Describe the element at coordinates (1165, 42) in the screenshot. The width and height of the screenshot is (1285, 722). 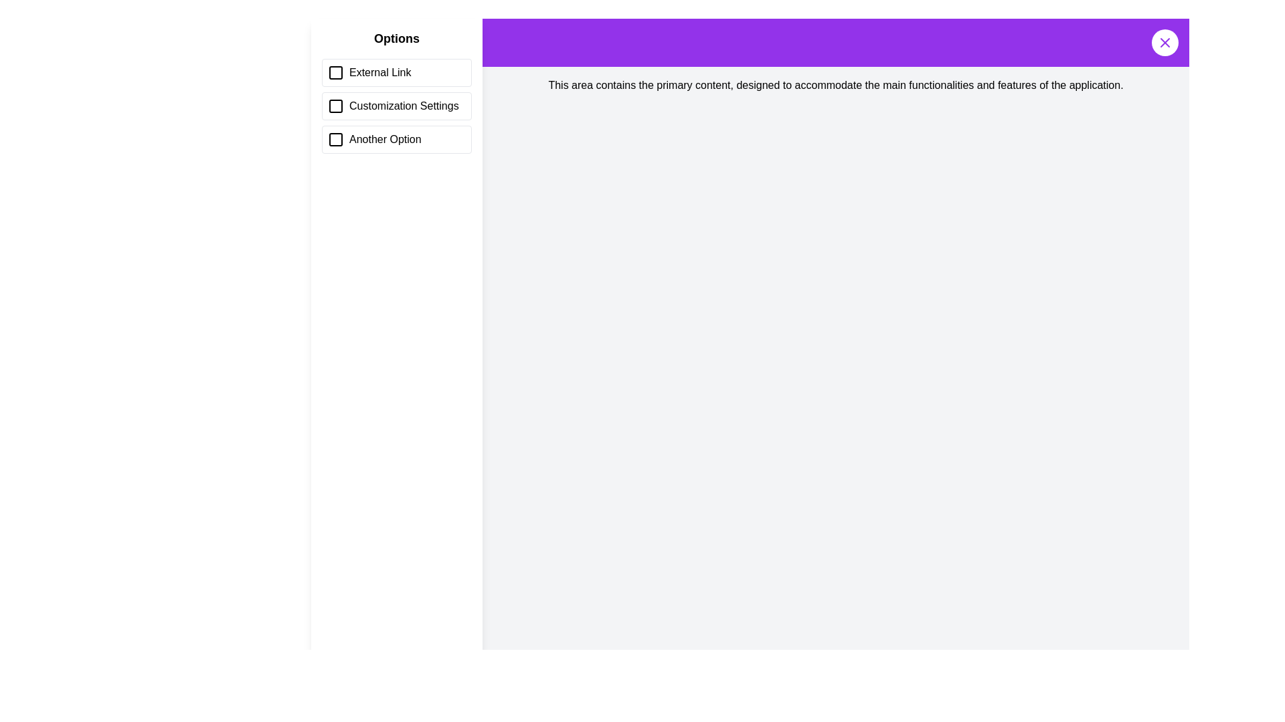
I see `the close button located in the top-right corner of the purple header bar titled 'Interactive Drawer'` at that location.